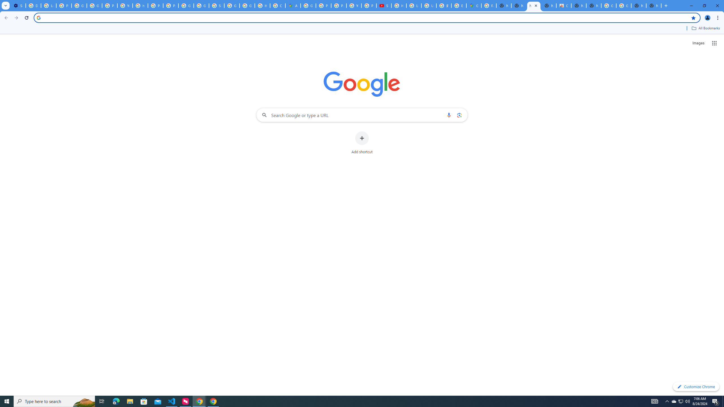 This screenshot has height=407, width=724. I want to click on 'Google Maps', so click(474, 5).